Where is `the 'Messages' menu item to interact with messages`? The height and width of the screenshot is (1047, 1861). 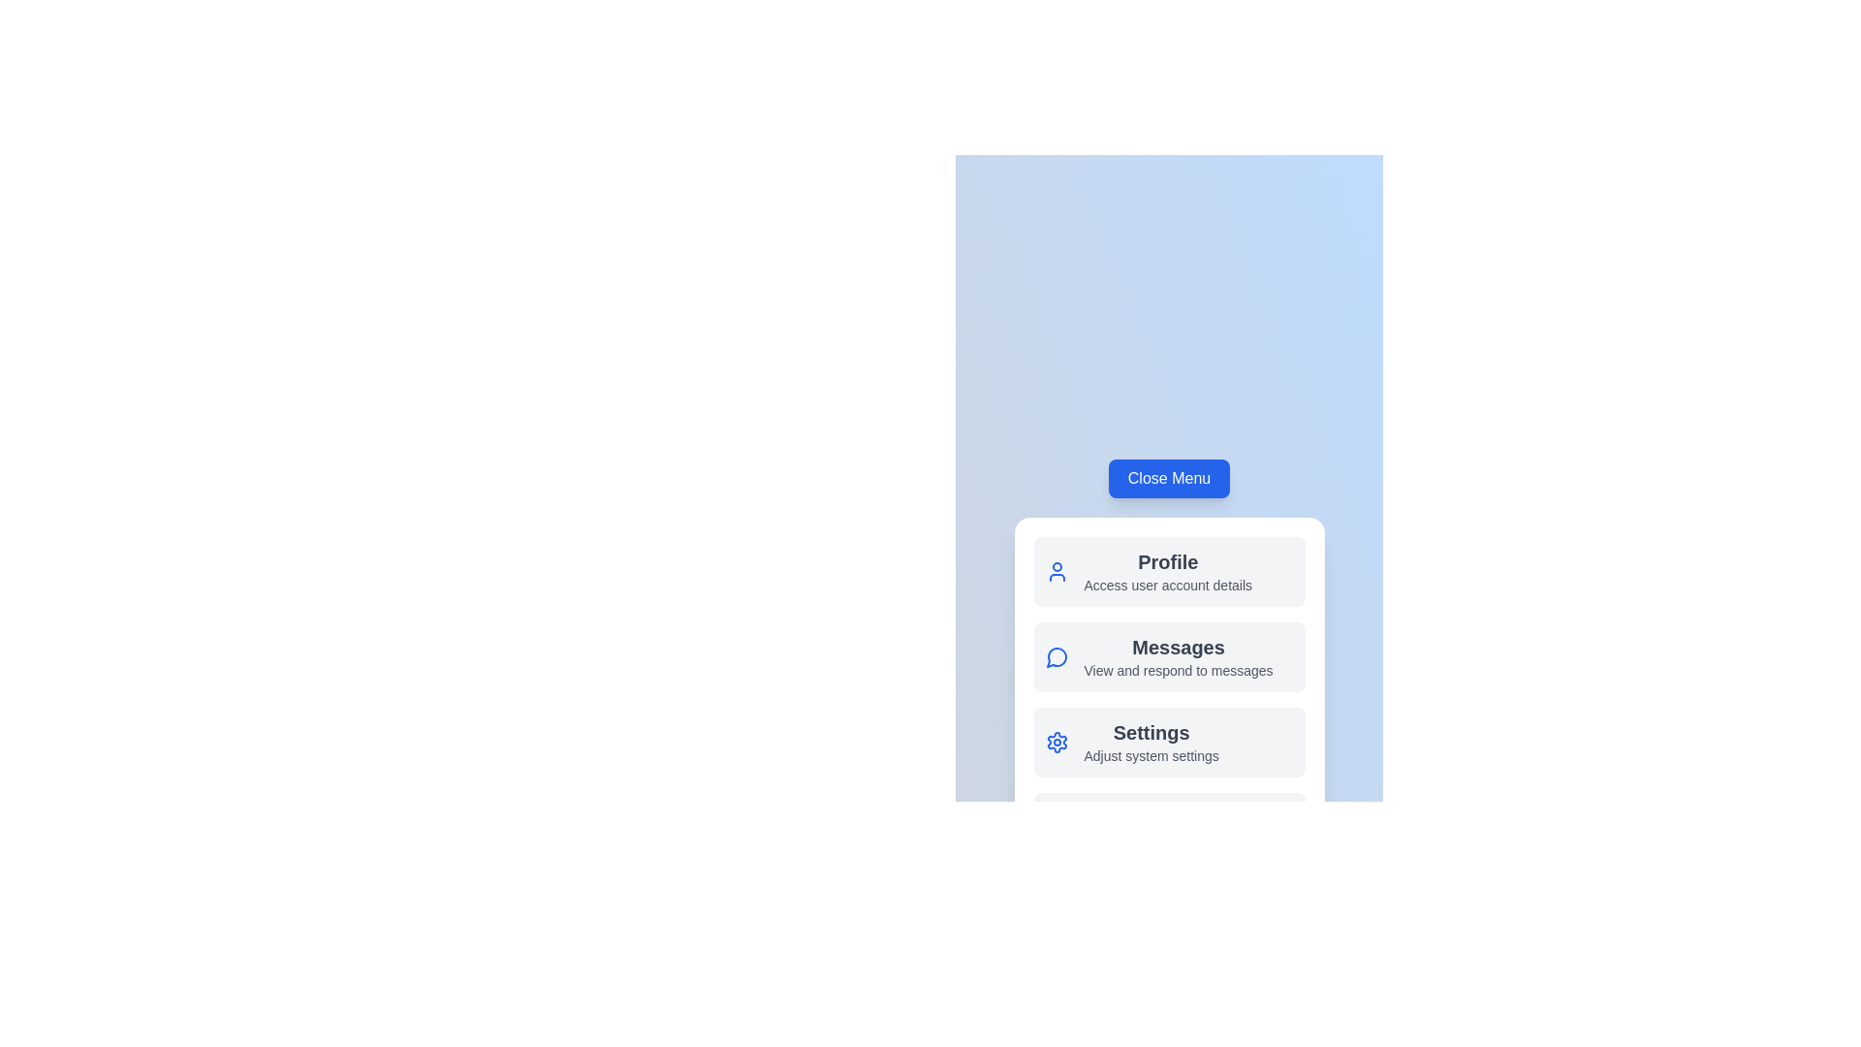 the 'Messages' menu item to interact with messages is located at coordinates (1167, 656).